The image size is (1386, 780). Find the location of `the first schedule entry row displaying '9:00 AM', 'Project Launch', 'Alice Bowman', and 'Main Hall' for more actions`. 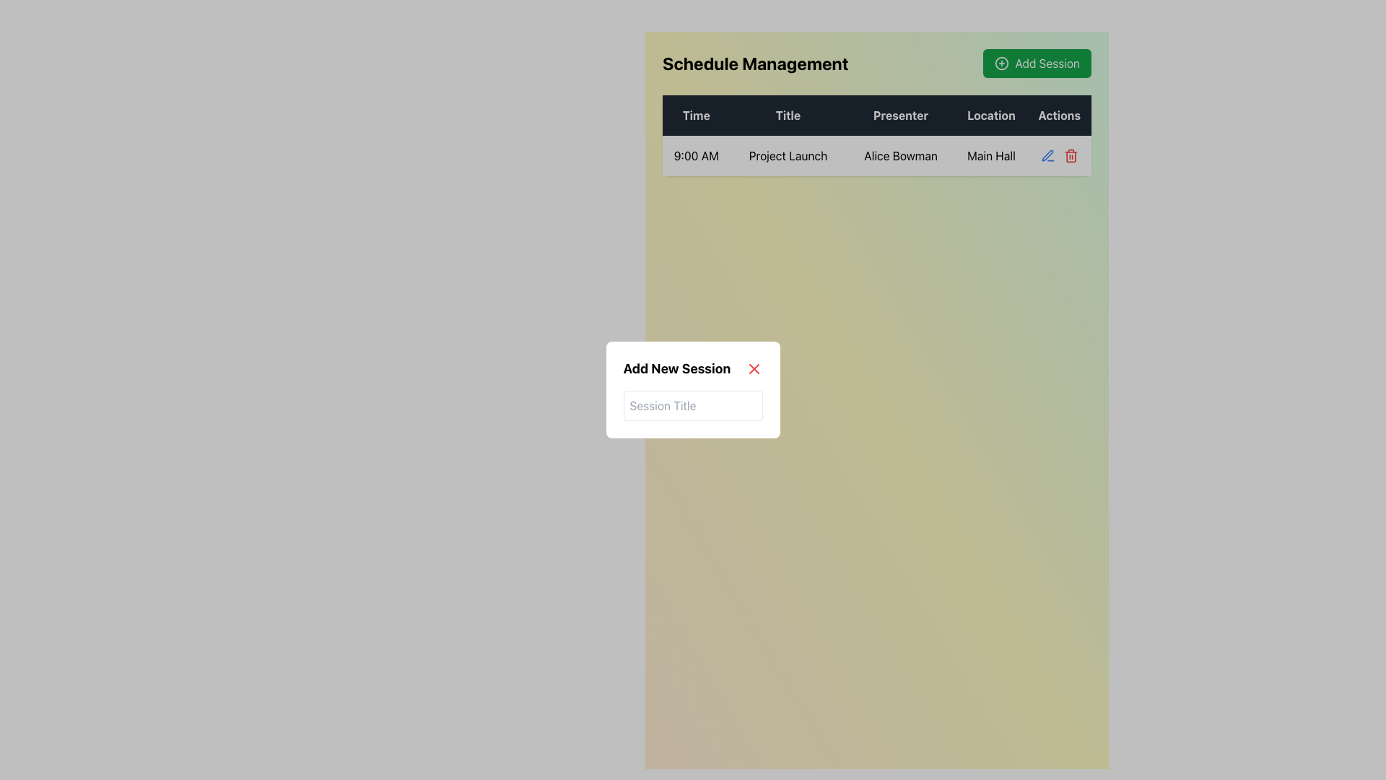

the first schedule entry row displaying '9:00 AM', 'Project Launch', 'Alice Bowman', and 'Main Hall' for more actions is located at coordinates (876, 156).